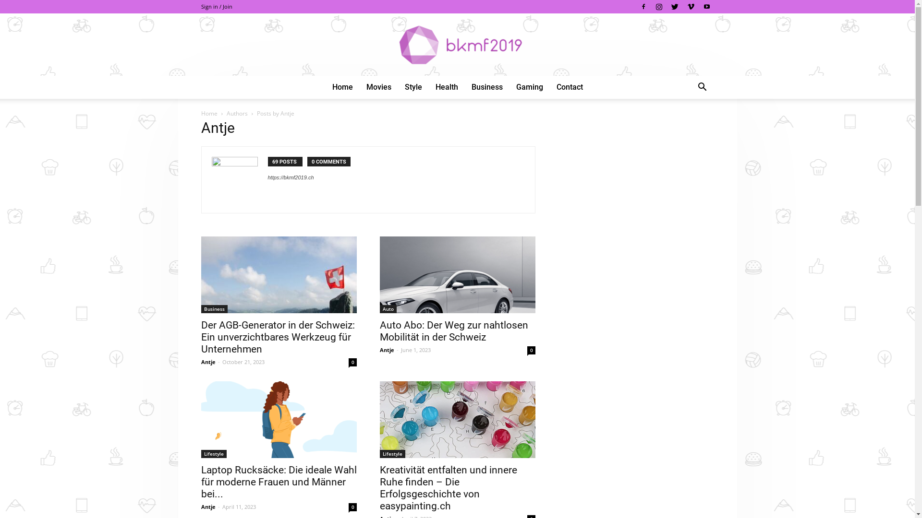  Describe the element at coordinates (706, 7) in the screenshot. I see `'Youtube'` at that location.